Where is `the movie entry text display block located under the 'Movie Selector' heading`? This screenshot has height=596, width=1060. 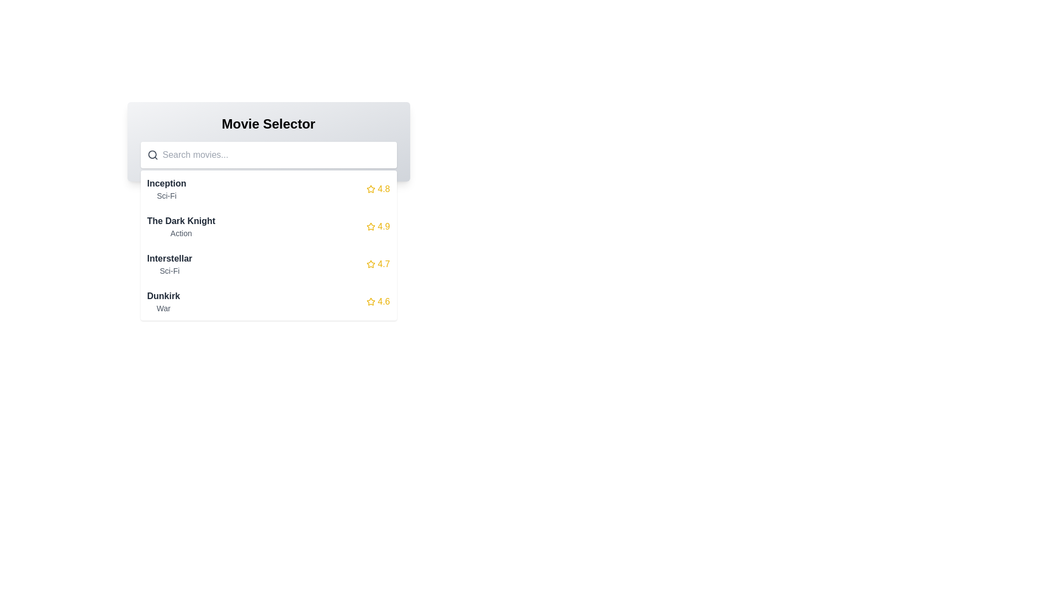
the movie entry text display block located under the 'Movie Selector' heading is located at coordinates (166, 189).